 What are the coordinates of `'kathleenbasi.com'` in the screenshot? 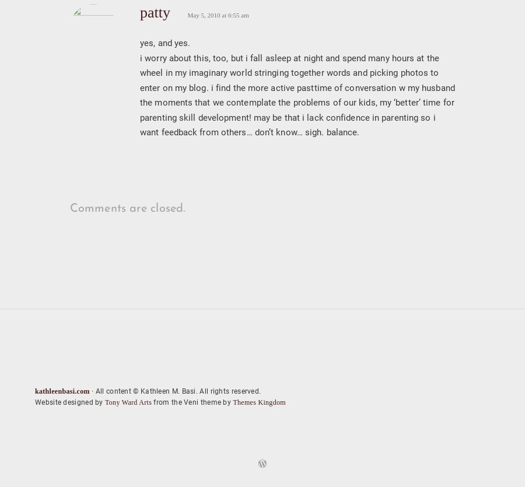 It's located at (34, 391).